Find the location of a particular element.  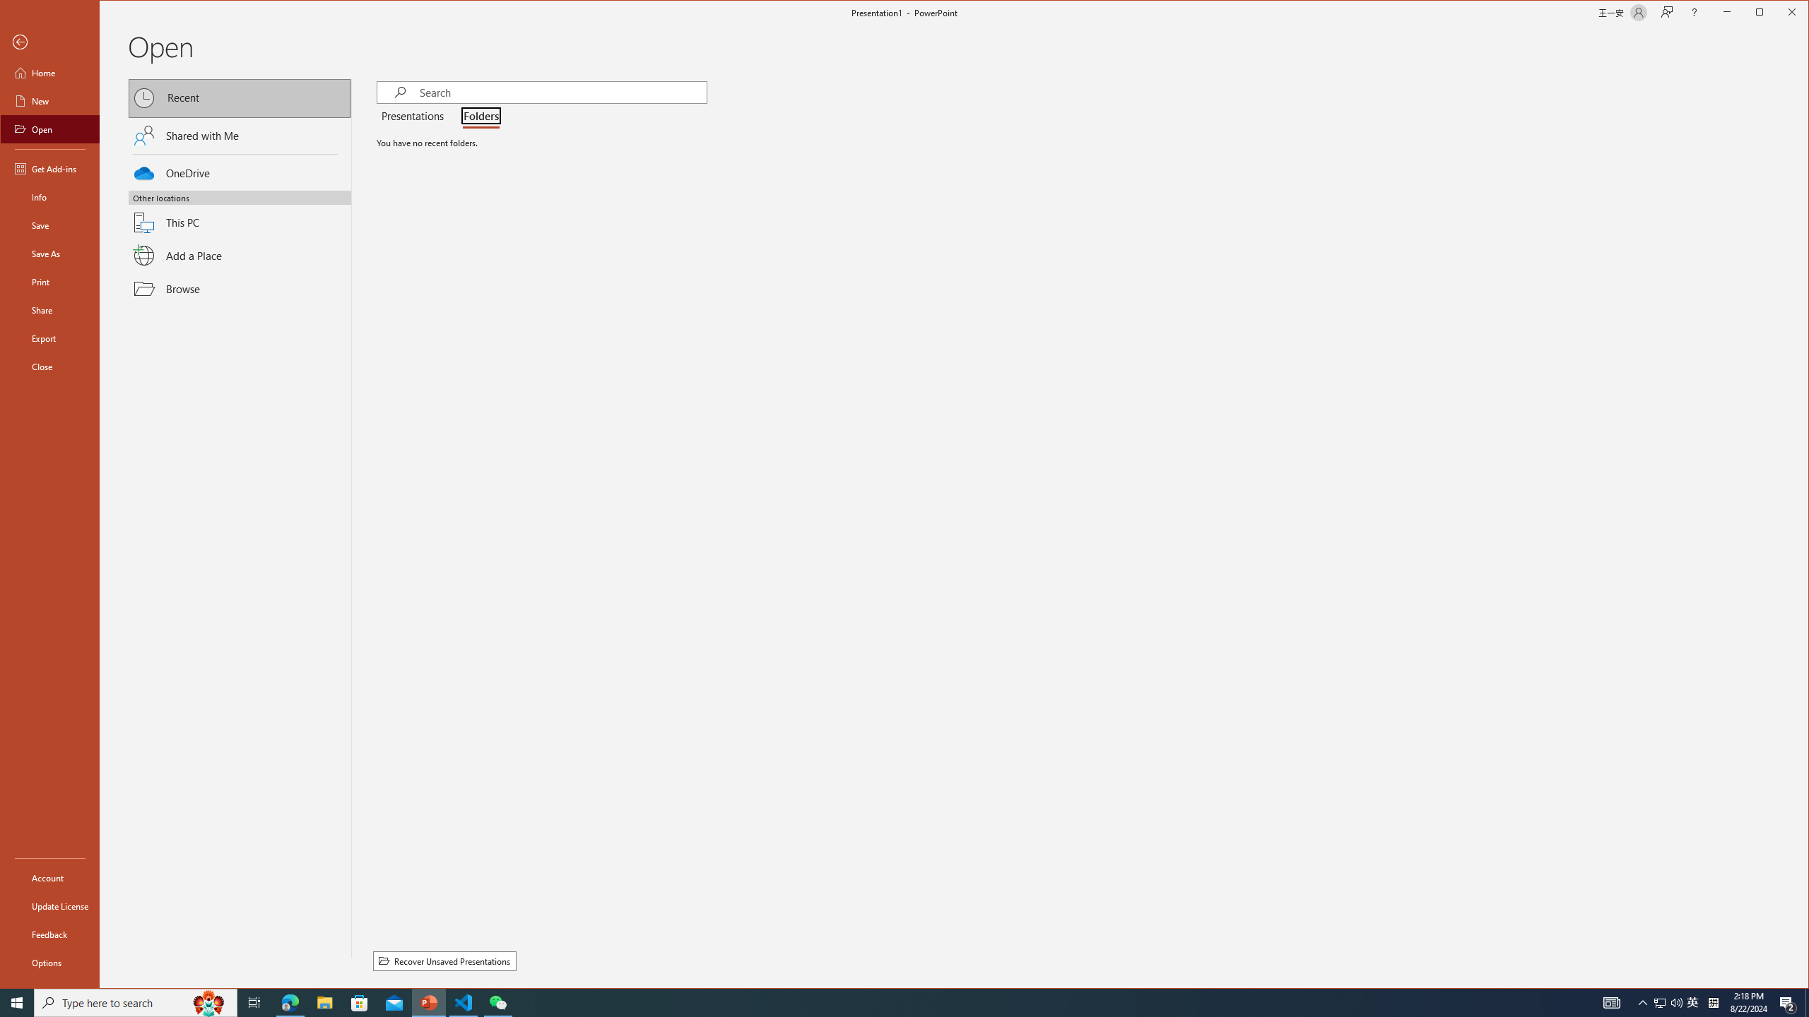

'Feedback' is located at coordinates (49, 934).